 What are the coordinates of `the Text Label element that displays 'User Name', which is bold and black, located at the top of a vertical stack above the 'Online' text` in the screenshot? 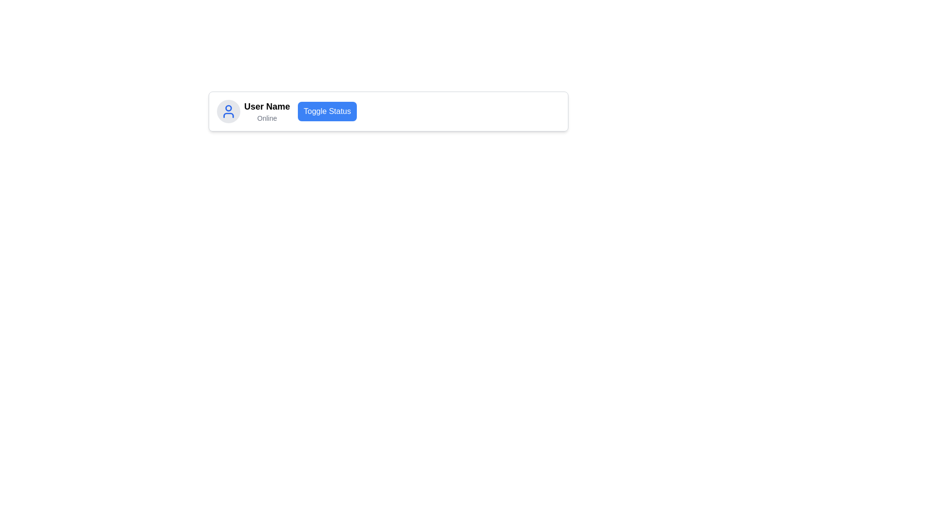 It's located at (267, 107).